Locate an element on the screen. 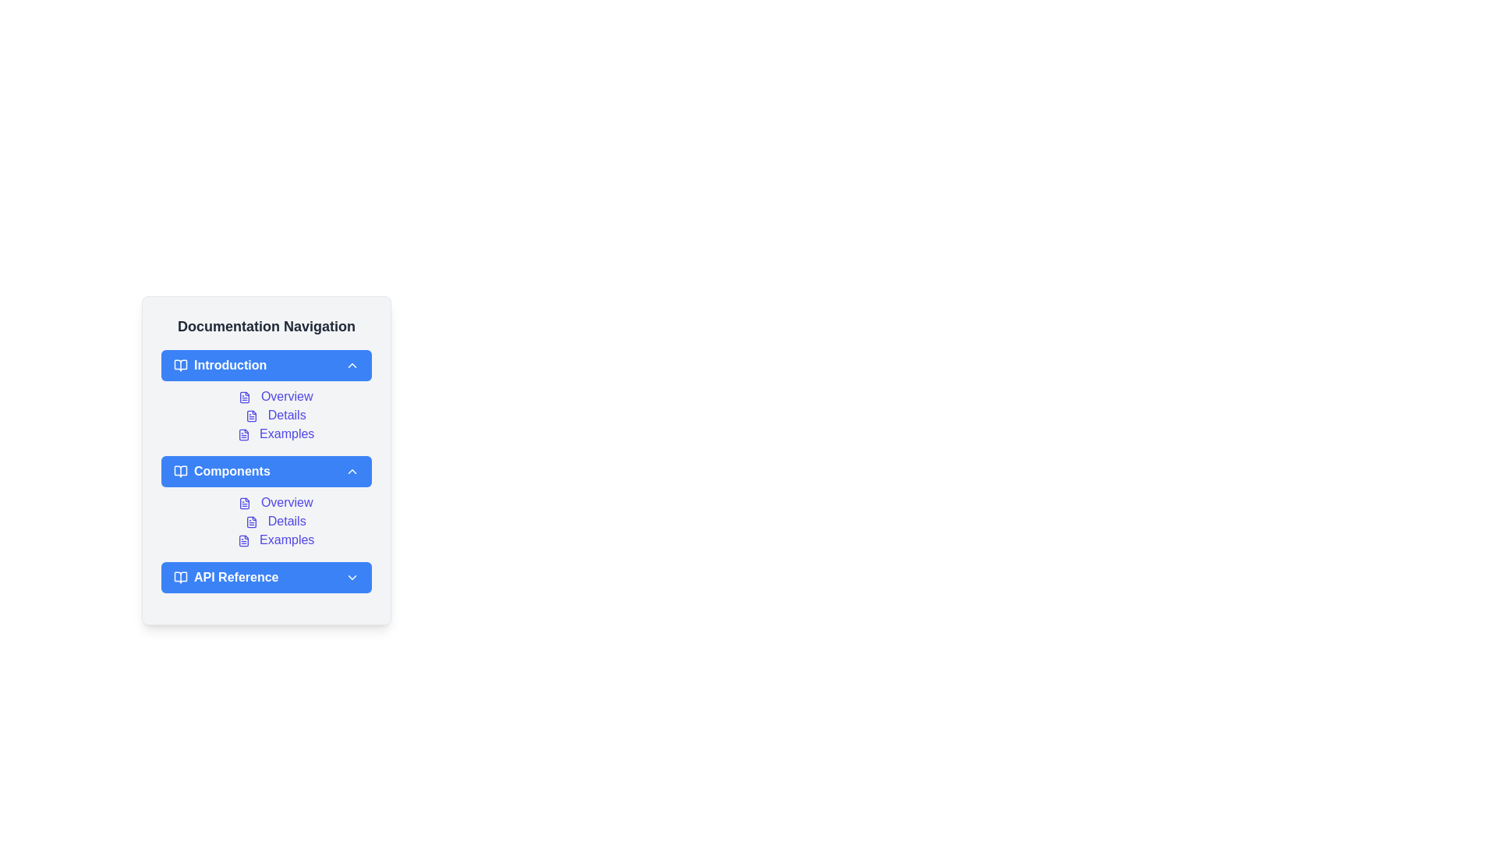  the hyperlinked text in the 'Documentation Navigation' menu that allows access to detailed documentation under the 'Introduction' category is located at coordinates (266, 414).